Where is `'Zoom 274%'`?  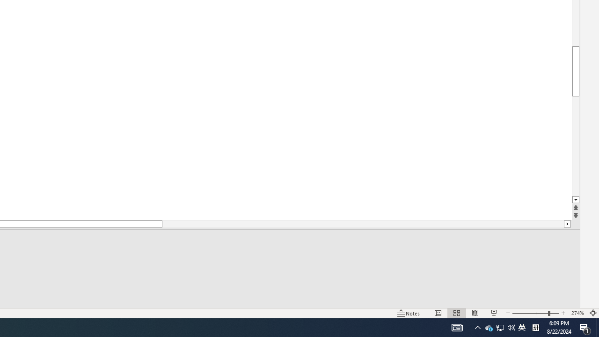 'Zoom 274%' is located at coordinates (577, 313).